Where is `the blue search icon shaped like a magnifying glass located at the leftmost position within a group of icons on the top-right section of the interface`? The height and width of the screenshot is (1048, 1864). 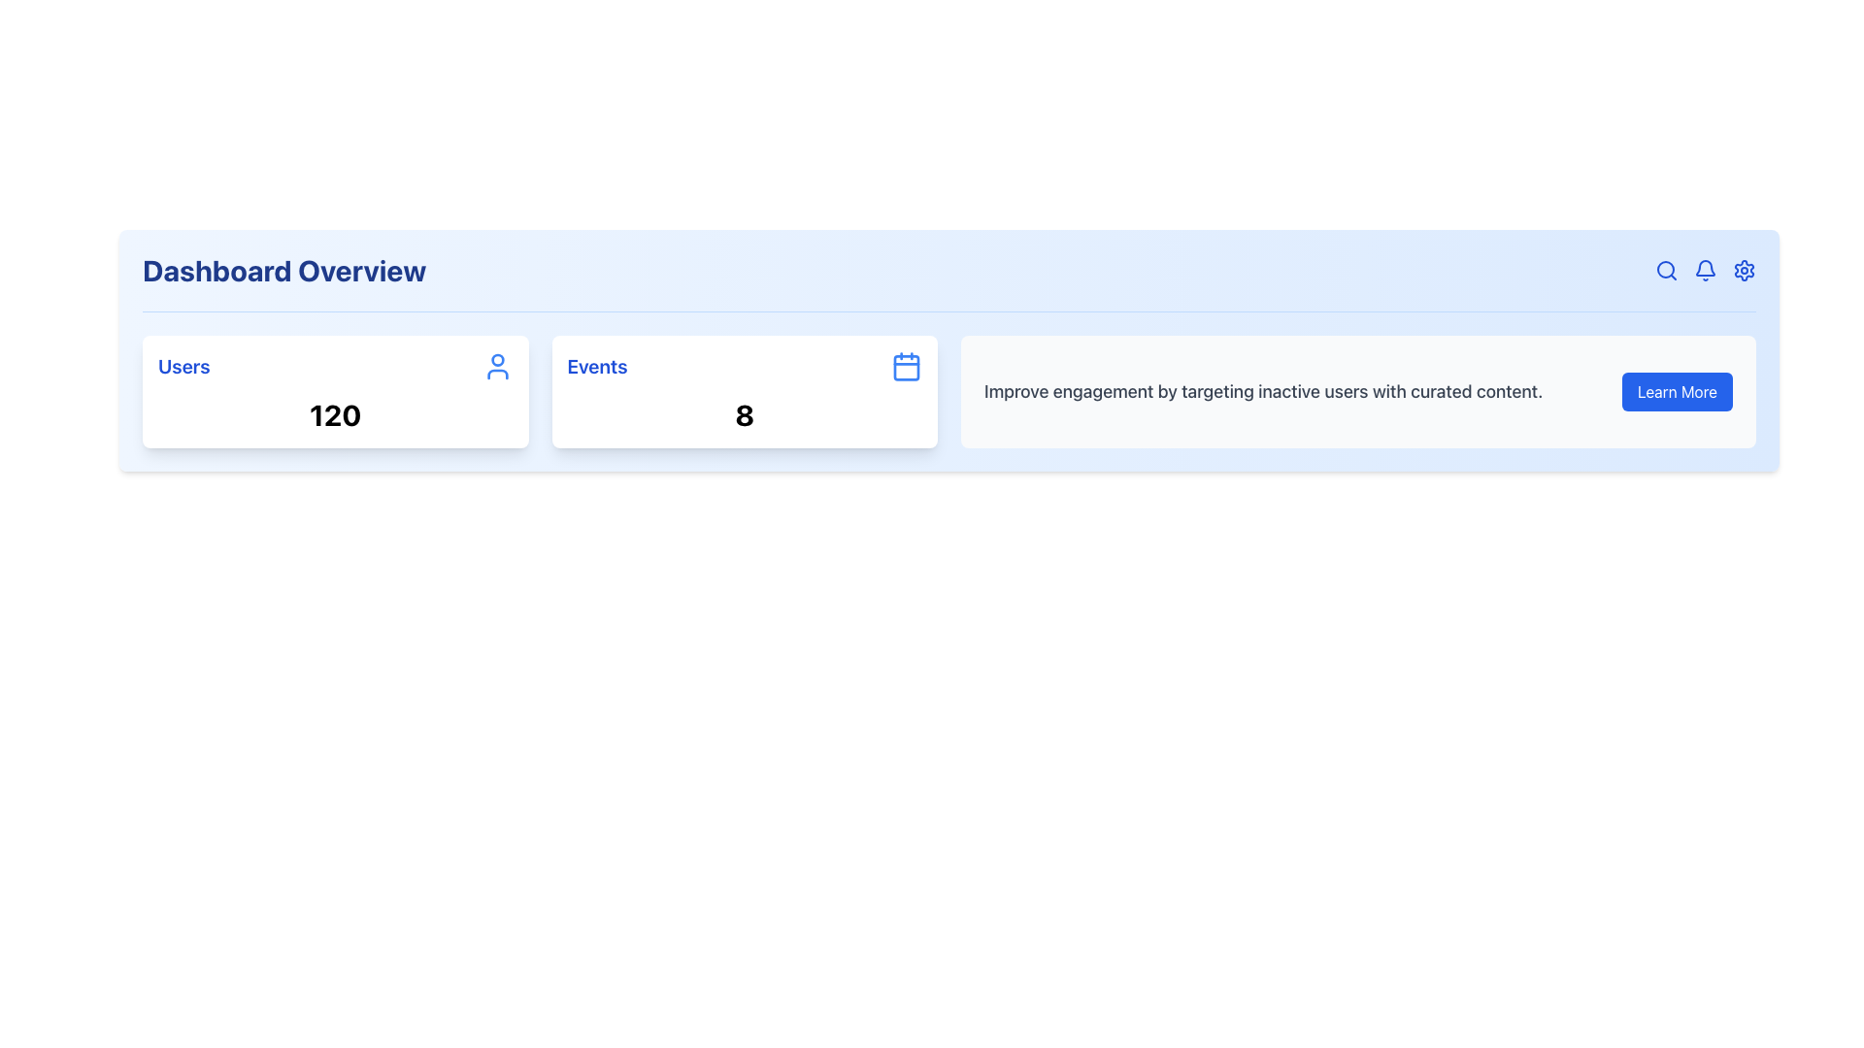 the blue search icon shaped like a magnifying glass located at the leftmost position within a group of icons on the top-right section of the interface is located at coordinates (1666, 270).